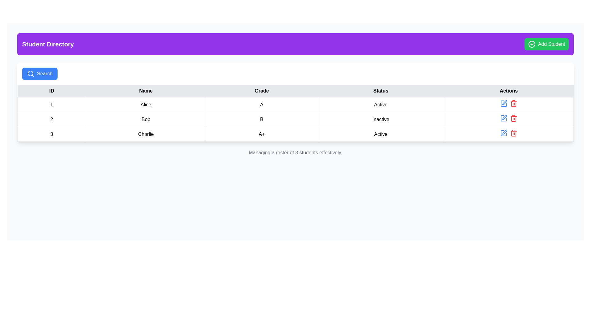 Image resolution: width=591 pixels, height=332 pixels. What do you see at coordinates (30, 73) in the screenshot?
I see `the magnifying glass icon representing the 'Search' functionality, located on the left side of the blue 'Search' button at the top-left corner of the data table` at bounding box center [30, 73].